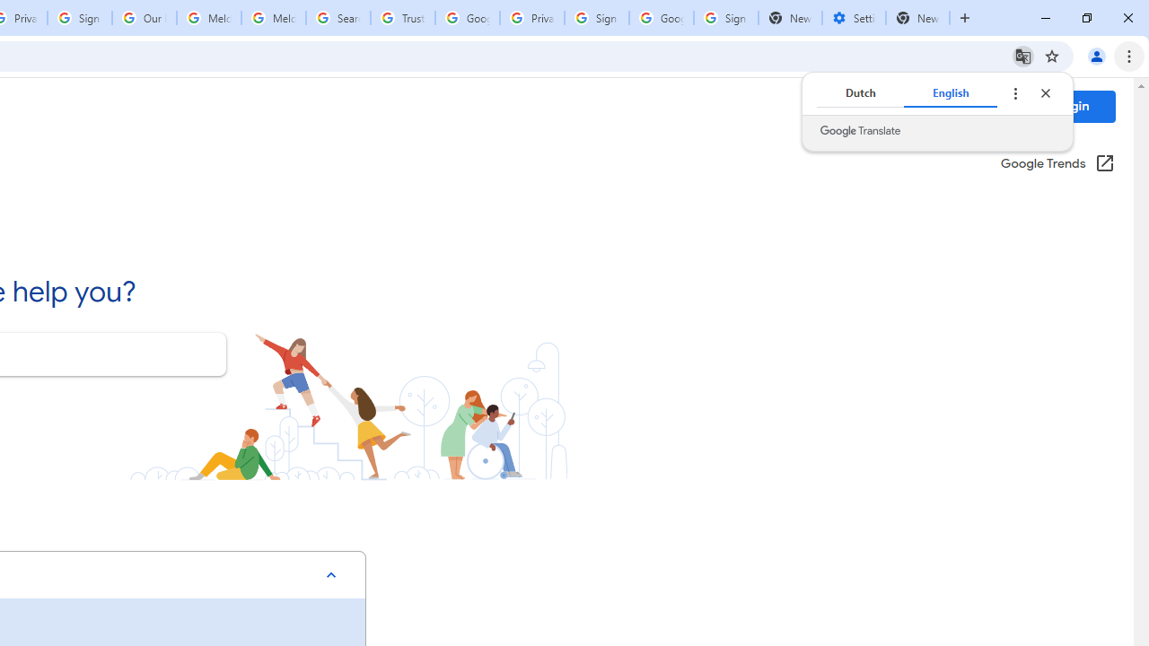  Describe the element at coordinates (725, 18) in the screenshot. I see `'Sign in - Google Accounts'` at that location.